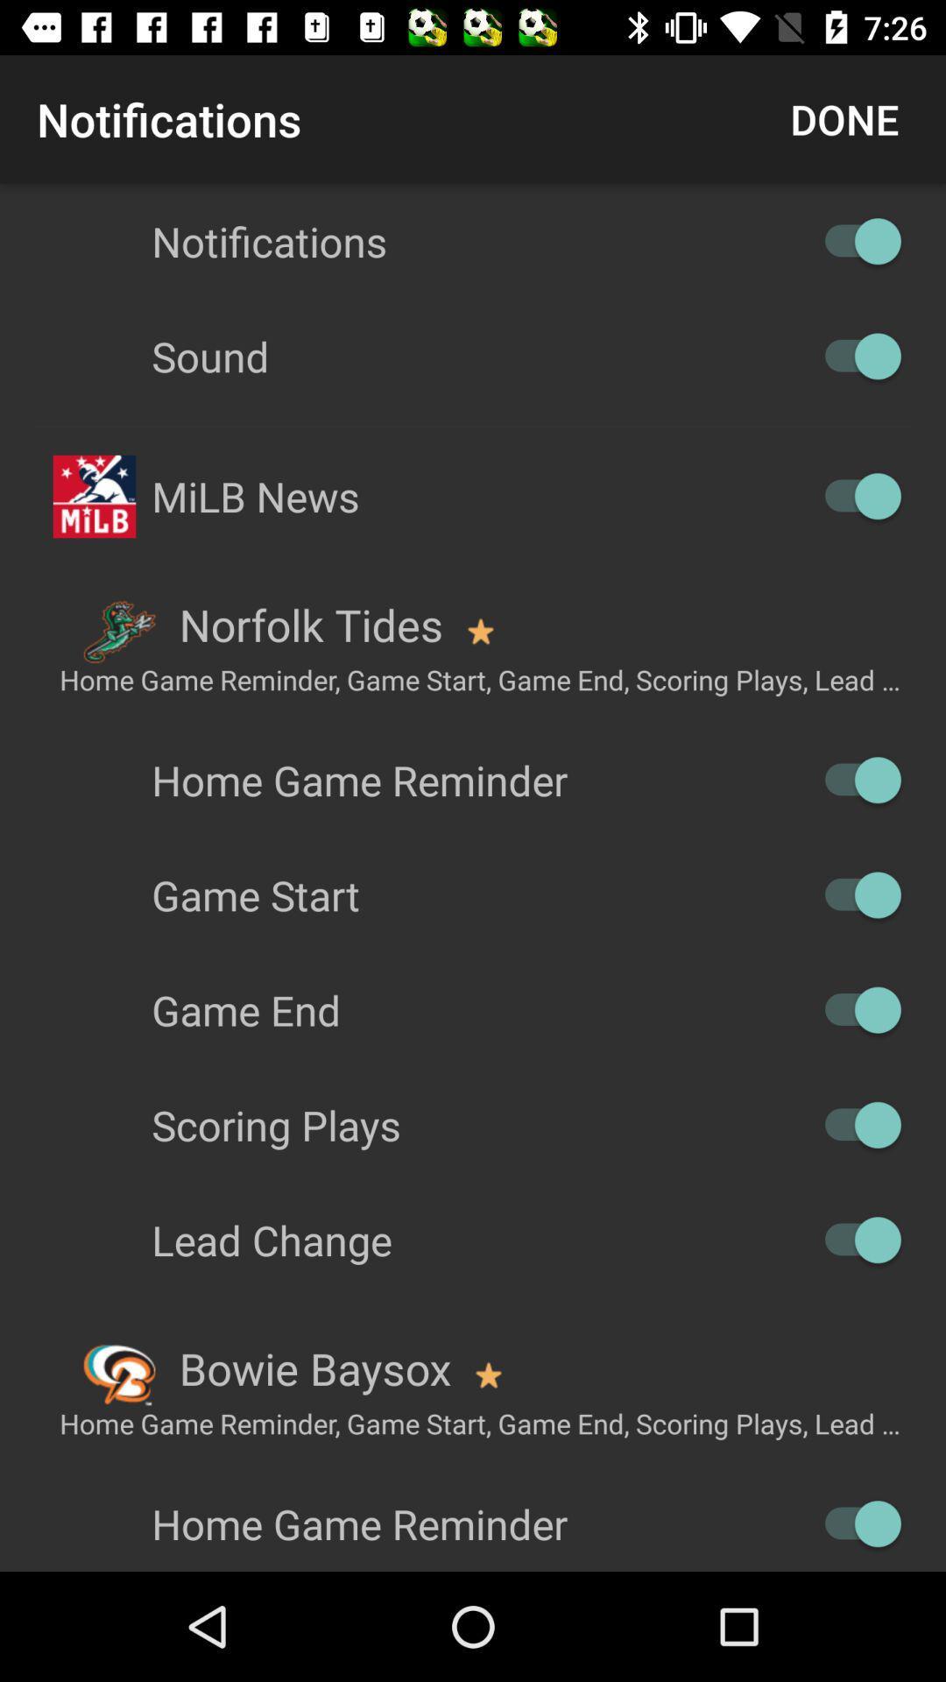 The image size is (946, 1682). I want to click on trun on milb news notification, so click(853, 495).